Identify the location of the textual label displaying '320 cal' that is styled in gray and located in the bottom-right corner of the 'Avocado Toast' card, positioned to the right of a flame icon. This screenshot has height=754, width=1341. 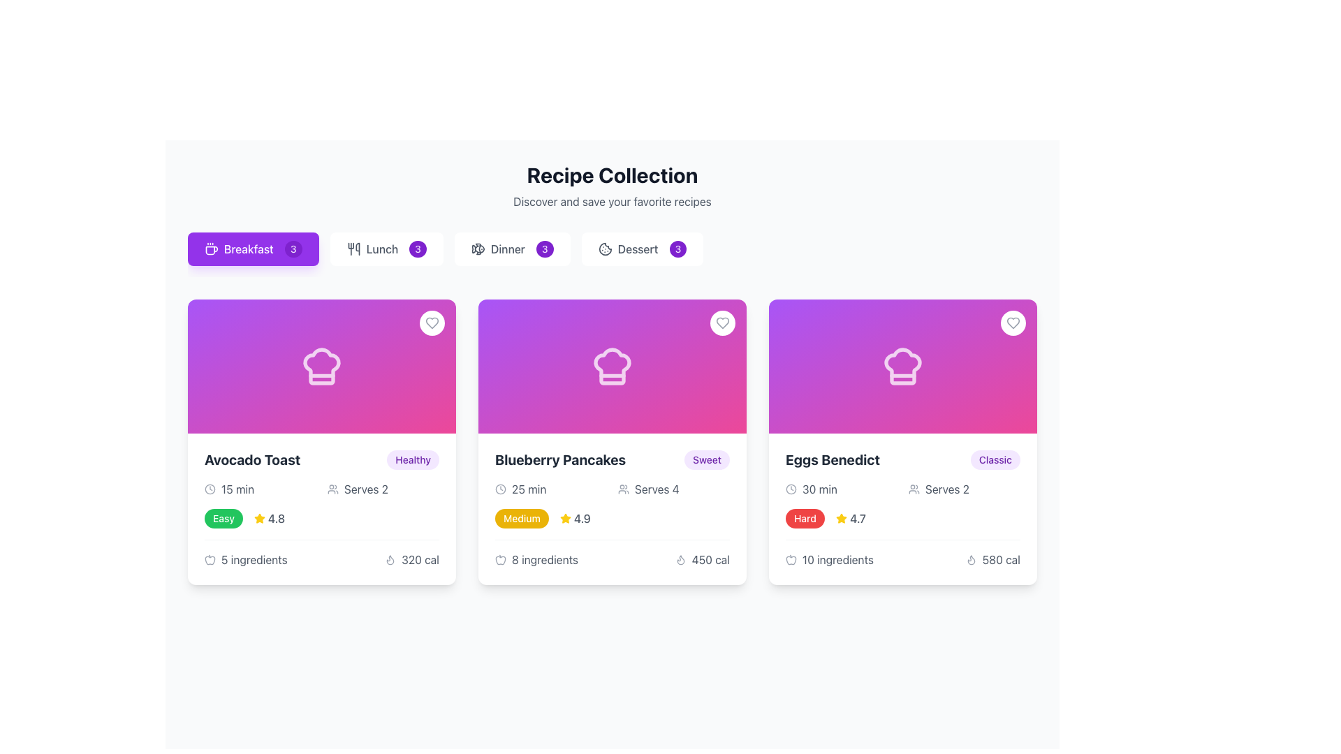
(420, 559).